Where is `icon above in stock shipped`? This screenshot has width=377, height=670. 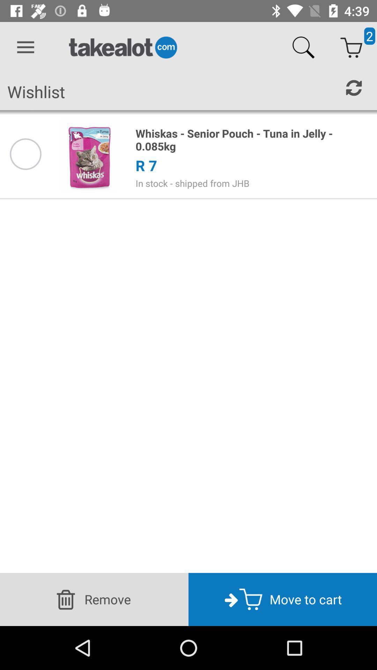
icon above in stock shipped is located at coordinates (146, 165).